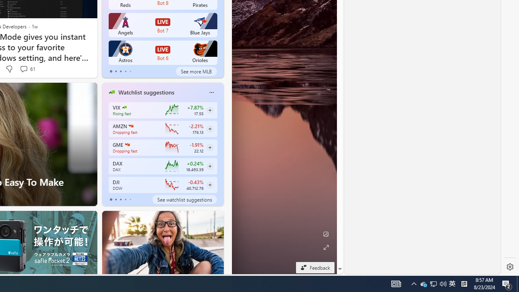 This screenshot has height=292, width=519. Describe the element at coordinates (162, 52) in the screenshot. I see `'Astros LIVE Bot 6 Orioles'` at that location.